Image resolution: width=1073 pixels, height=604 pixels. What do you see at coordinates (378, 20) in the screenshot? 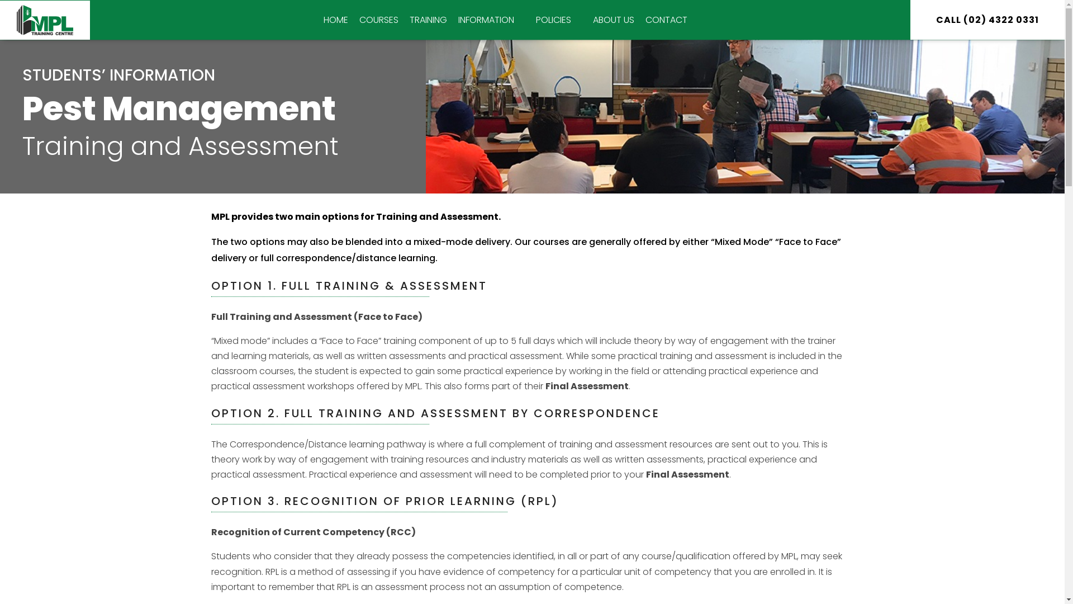
I see `'COURSES'` at bounding box center [378, 20].